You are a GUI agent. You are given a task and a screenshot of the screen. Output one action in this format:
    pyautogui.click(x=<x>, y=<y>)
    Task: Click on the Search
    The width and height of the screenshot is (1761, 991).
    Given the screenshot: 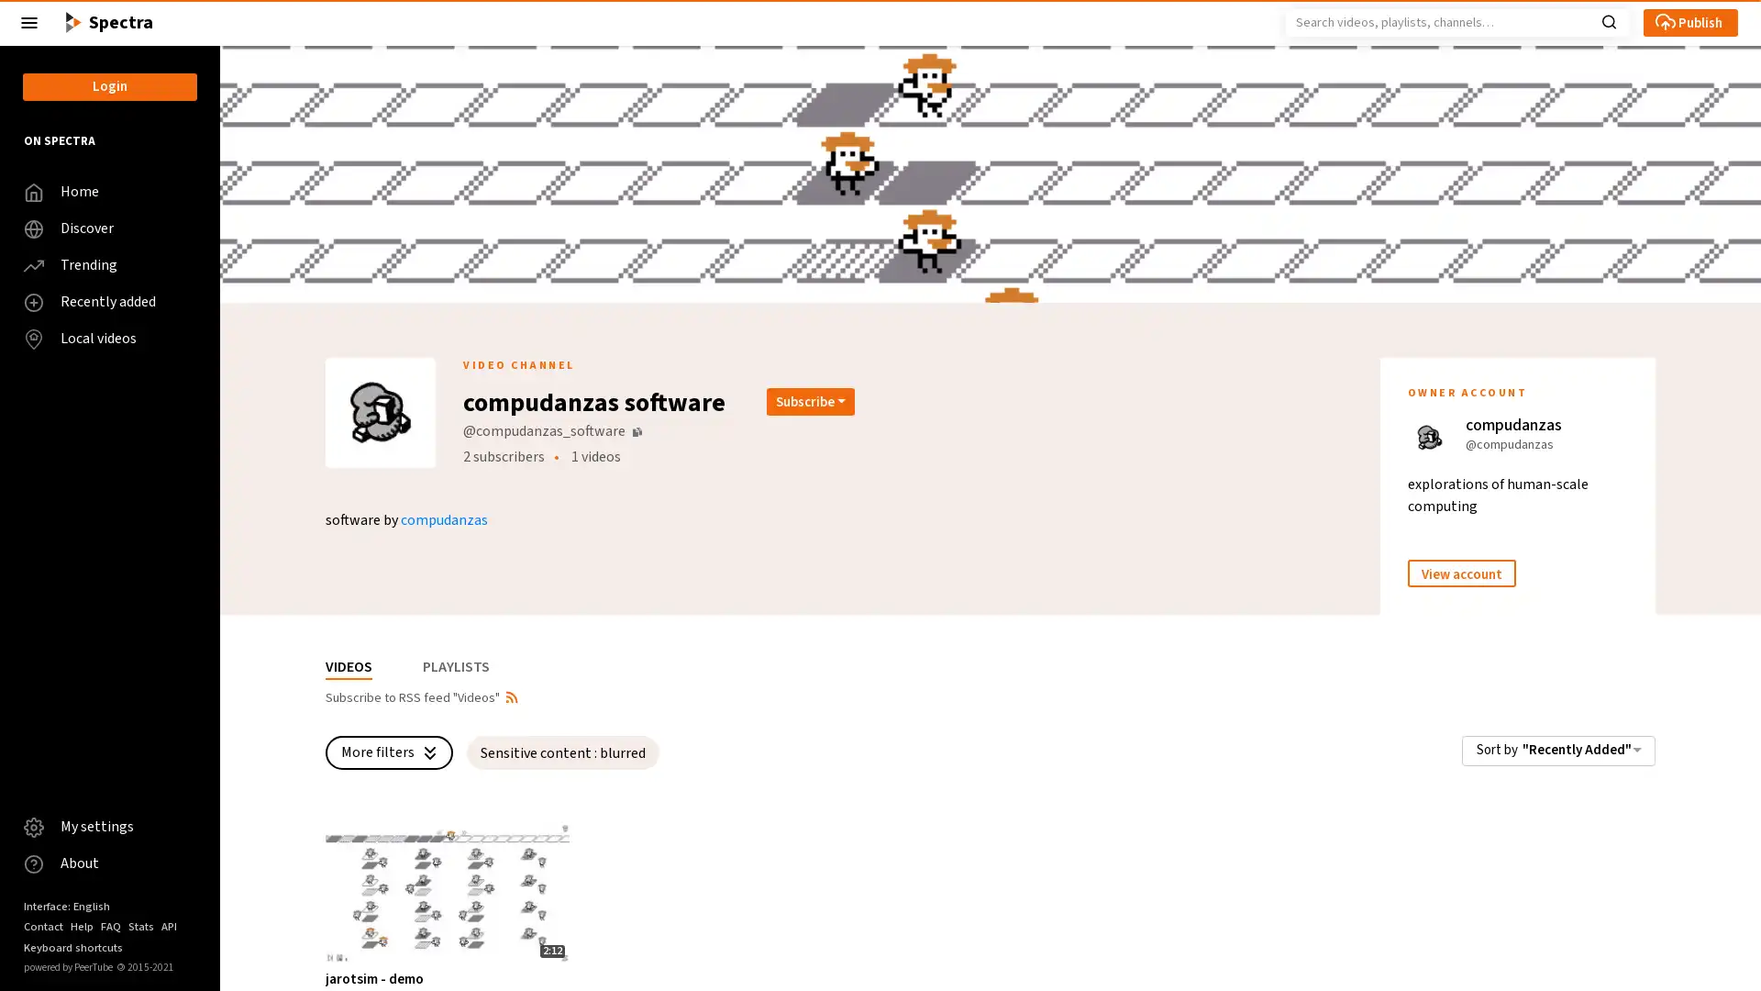 What is the action you would take?
    pyautogui.click(x=1608, y=20)
    